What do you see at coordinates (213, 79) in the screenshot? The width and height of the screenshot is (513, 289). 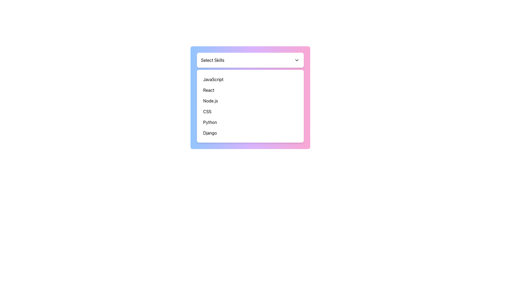 I see `the first selectable option in the 'Select Skills' dropdown menu` at bounding box center [213, 79].